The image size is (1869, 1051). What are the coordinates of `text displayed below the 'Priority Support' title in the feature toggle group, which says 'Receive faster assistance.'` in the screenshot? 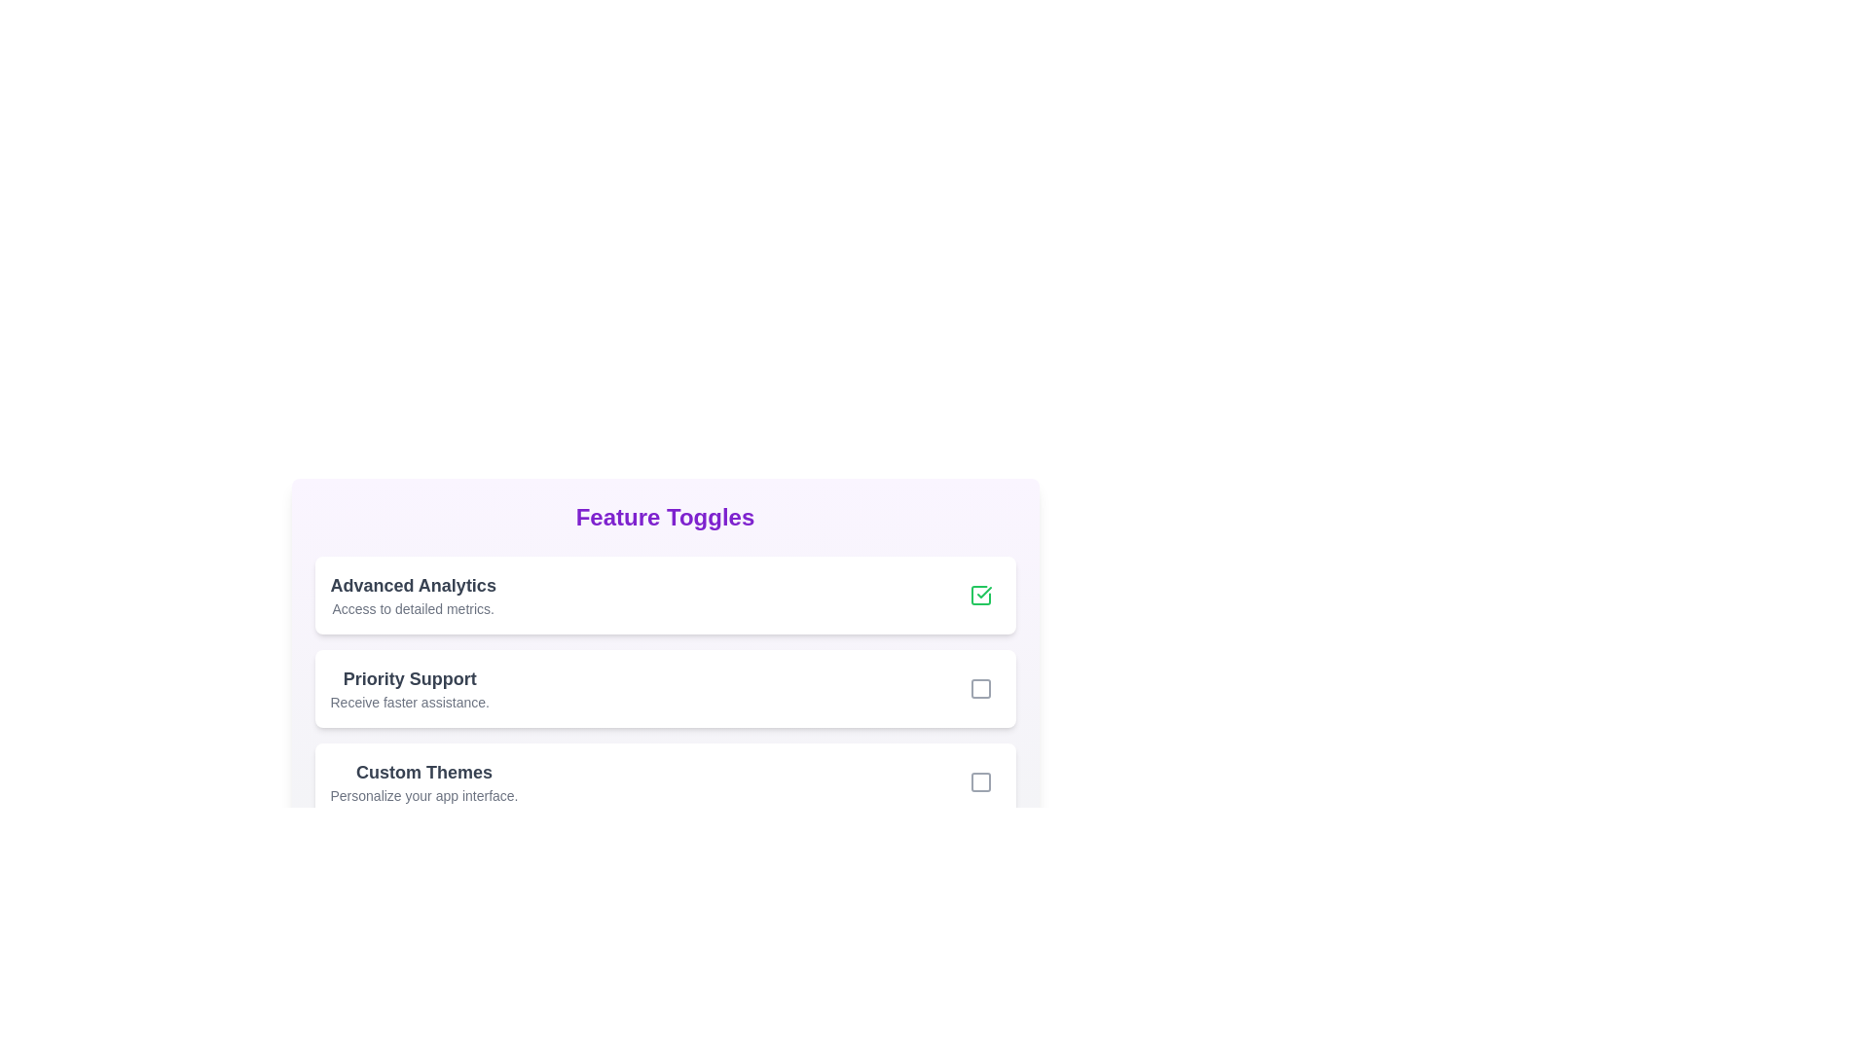 It's located at (409, 702).